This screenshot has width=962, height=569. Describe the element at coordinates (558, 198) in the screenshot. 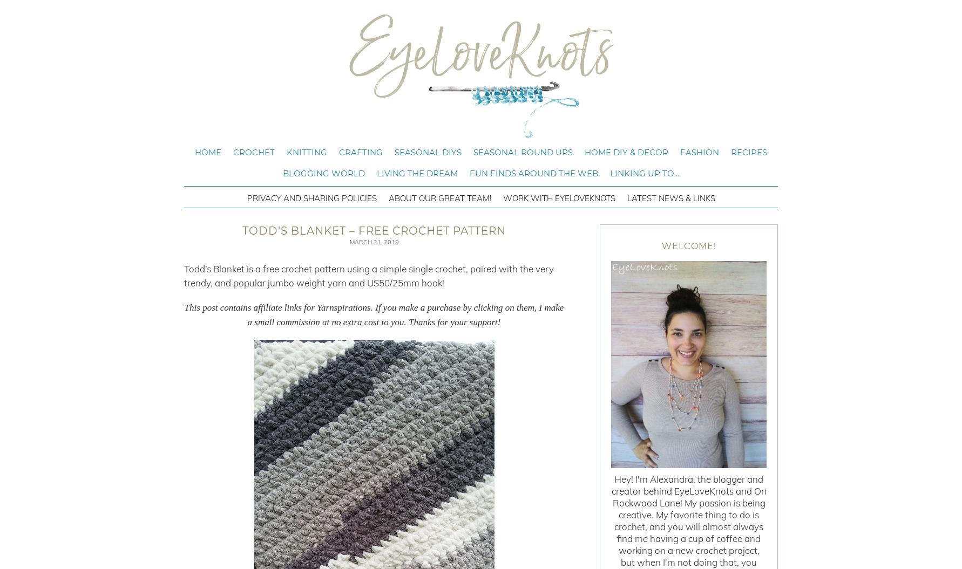

I see `'Work with EyeLoveKnots'` at that location.